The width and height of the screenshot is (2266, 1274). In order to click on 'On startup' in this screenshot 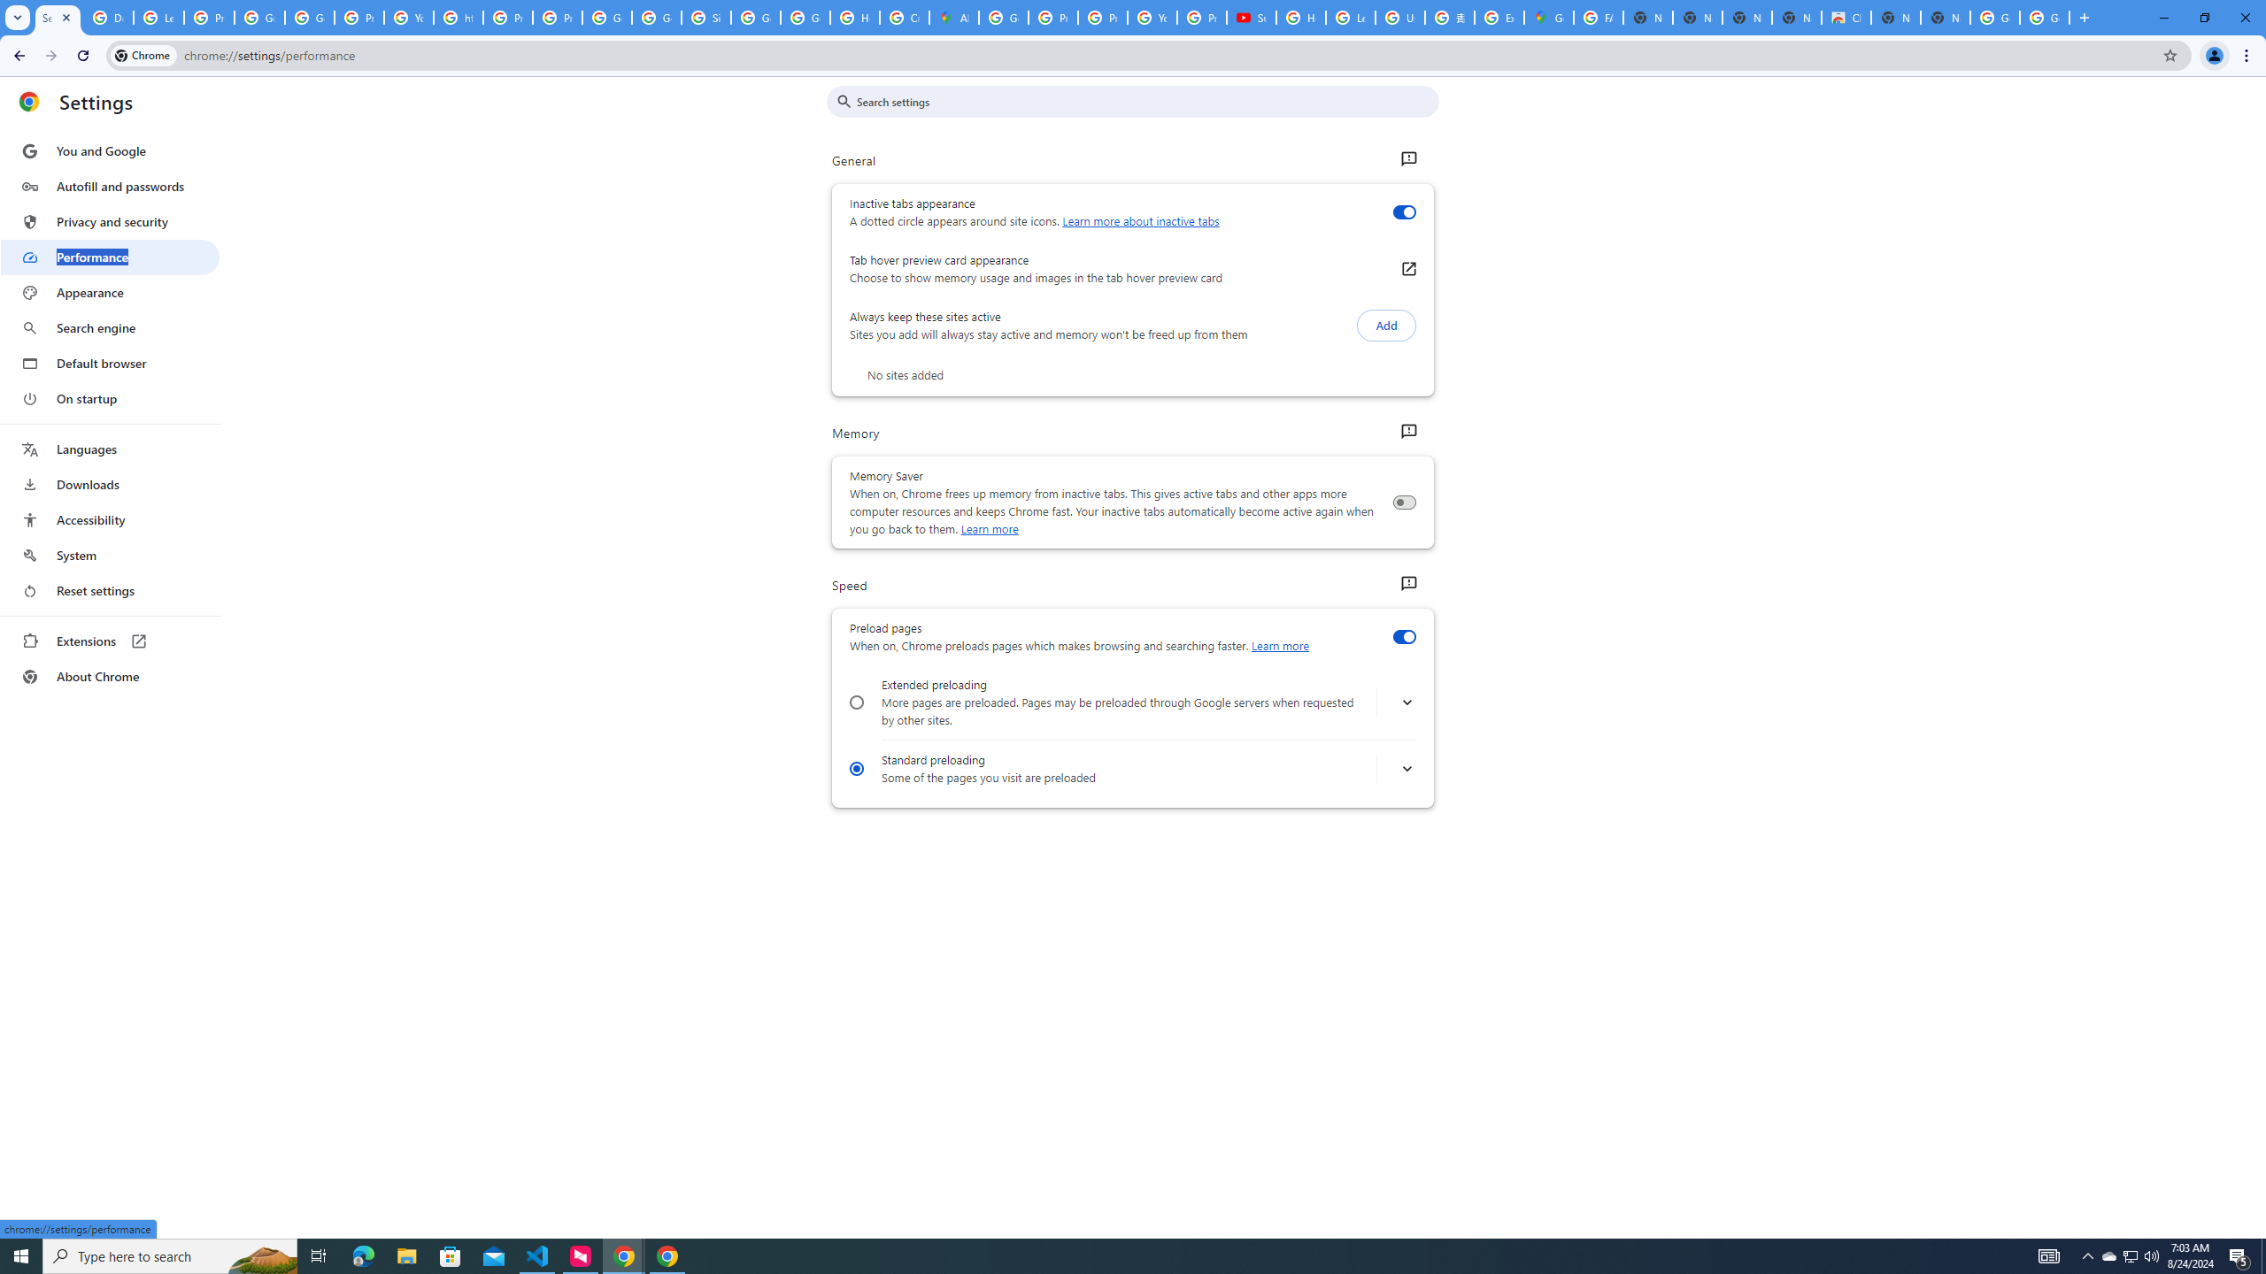, I will do `click(109, 397)`.